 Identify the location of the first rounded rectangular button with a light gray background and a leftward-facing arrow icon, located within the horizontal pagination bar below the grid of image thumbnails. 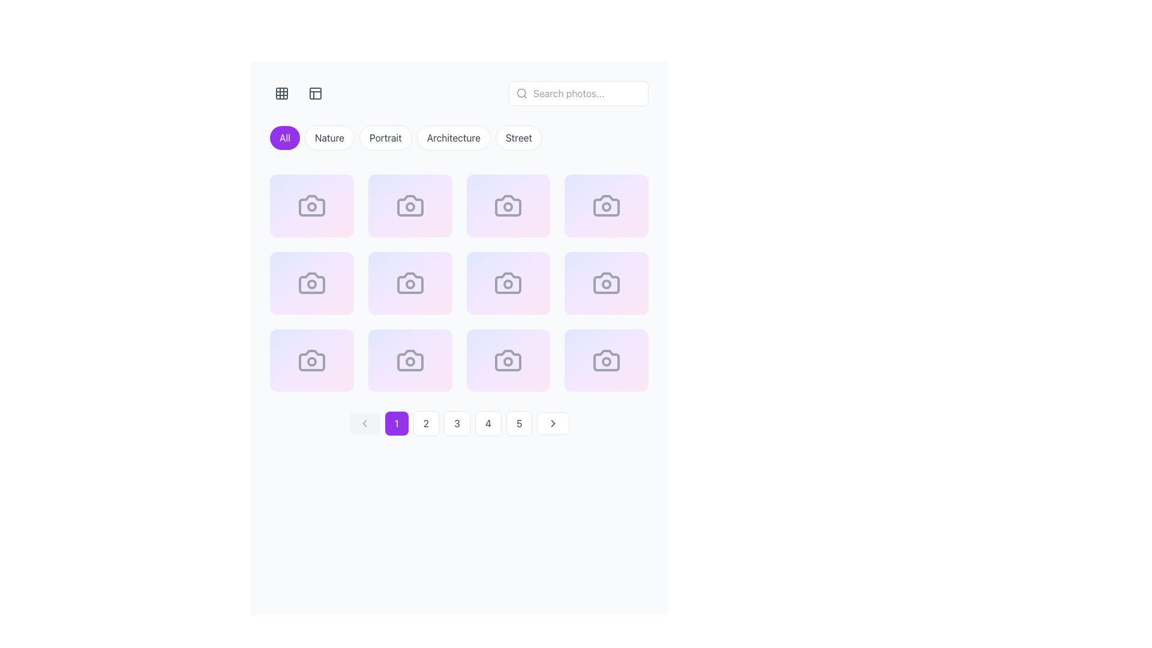
(364, 423).